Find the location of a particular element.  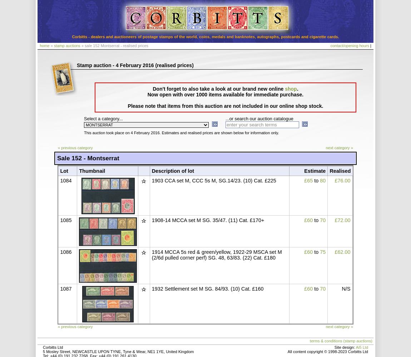

'£62.00' is located at coordinates (342, 252).